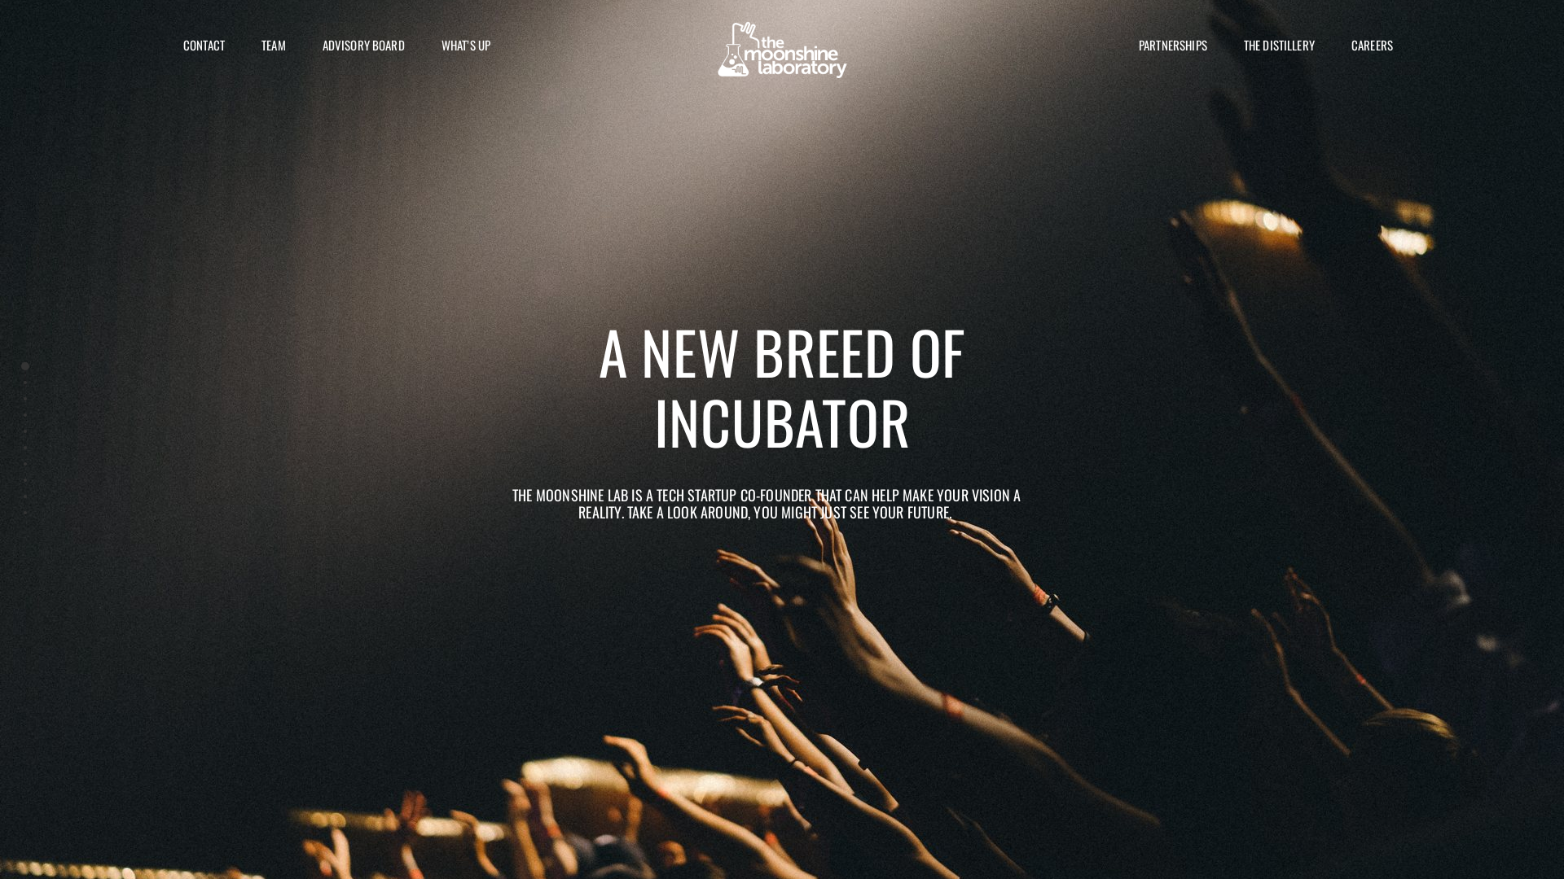  Describe the element at coordinates (1125, 48) in the screenshot. I see `'PARTNERSHIPS'` at that location.